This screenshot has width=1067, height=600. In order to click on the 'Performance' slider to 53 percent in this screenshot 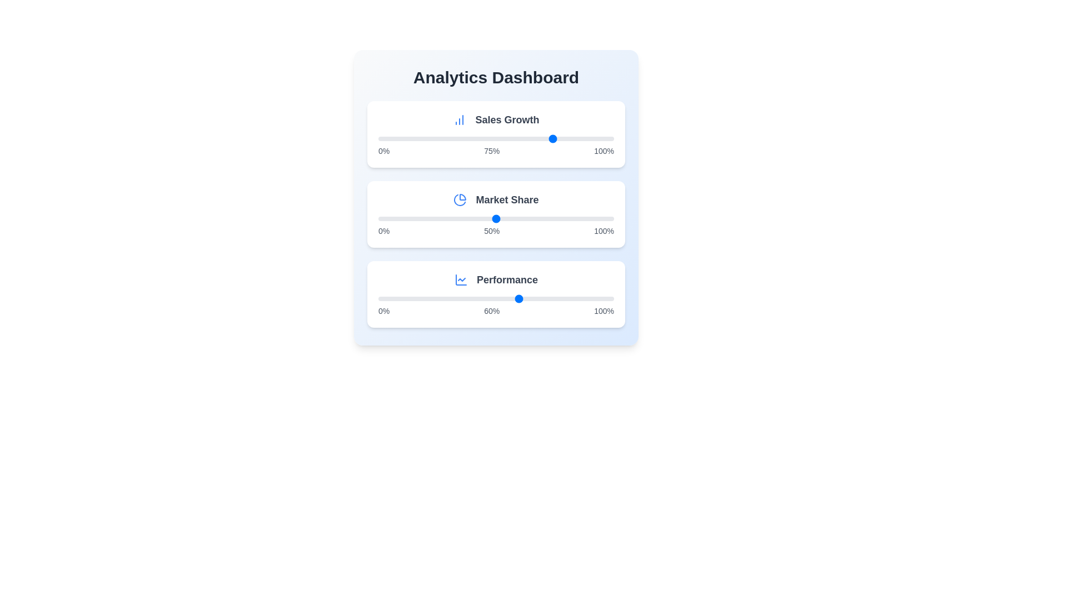, I will do `click(502, 298)`.